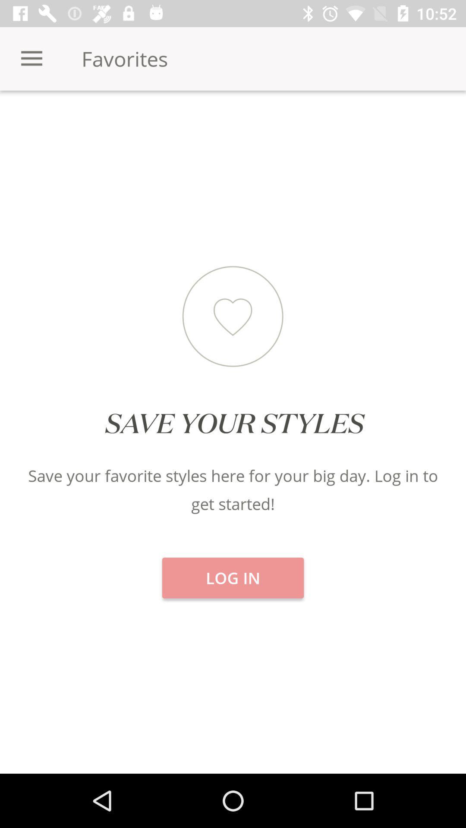 The height and width of the screenshot is (828, 466). Describe the element at coordinates (233, 120) in the screenshot. I see `the icon above the hello icon` at that location.